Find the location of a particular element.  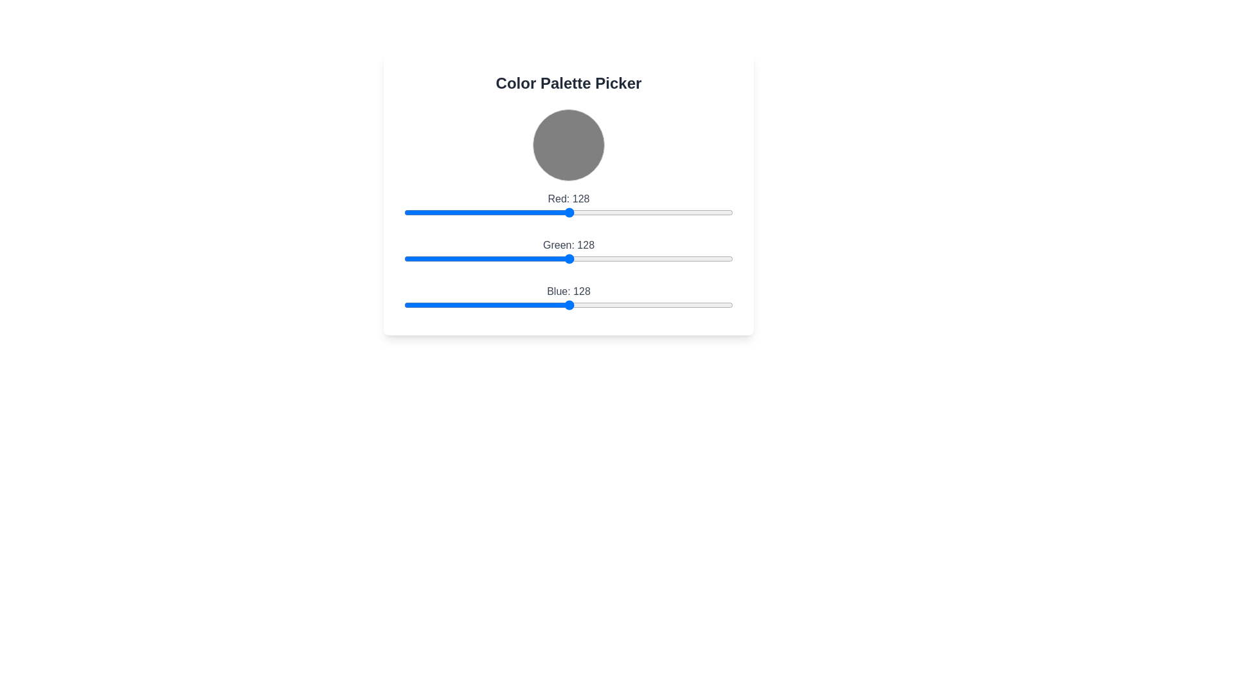

the blue value is located at coordinates (439, 305).